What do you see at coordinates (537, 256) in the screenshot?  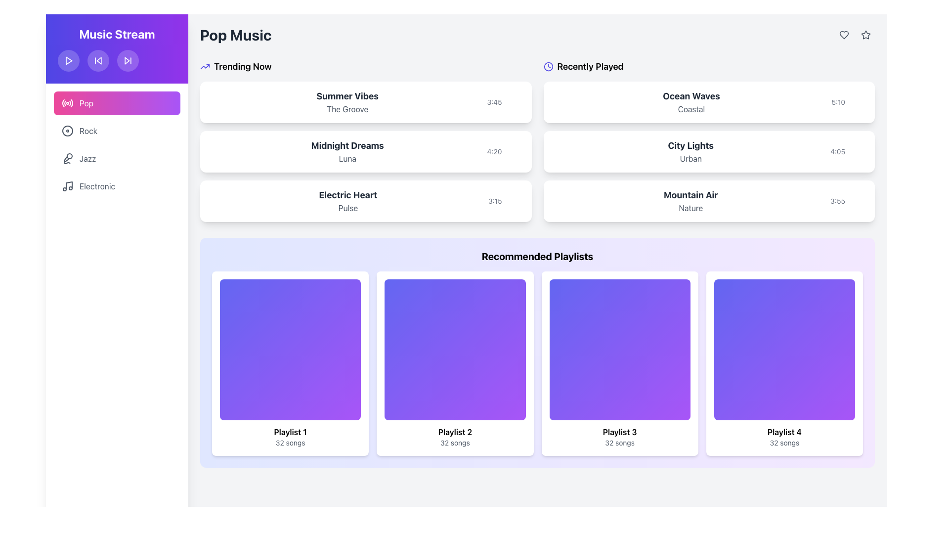 I see `the Static text header labeled 'Recommended Playlists' which is centered in a light purple gradient rectangle` at bounding box center [537, 256].